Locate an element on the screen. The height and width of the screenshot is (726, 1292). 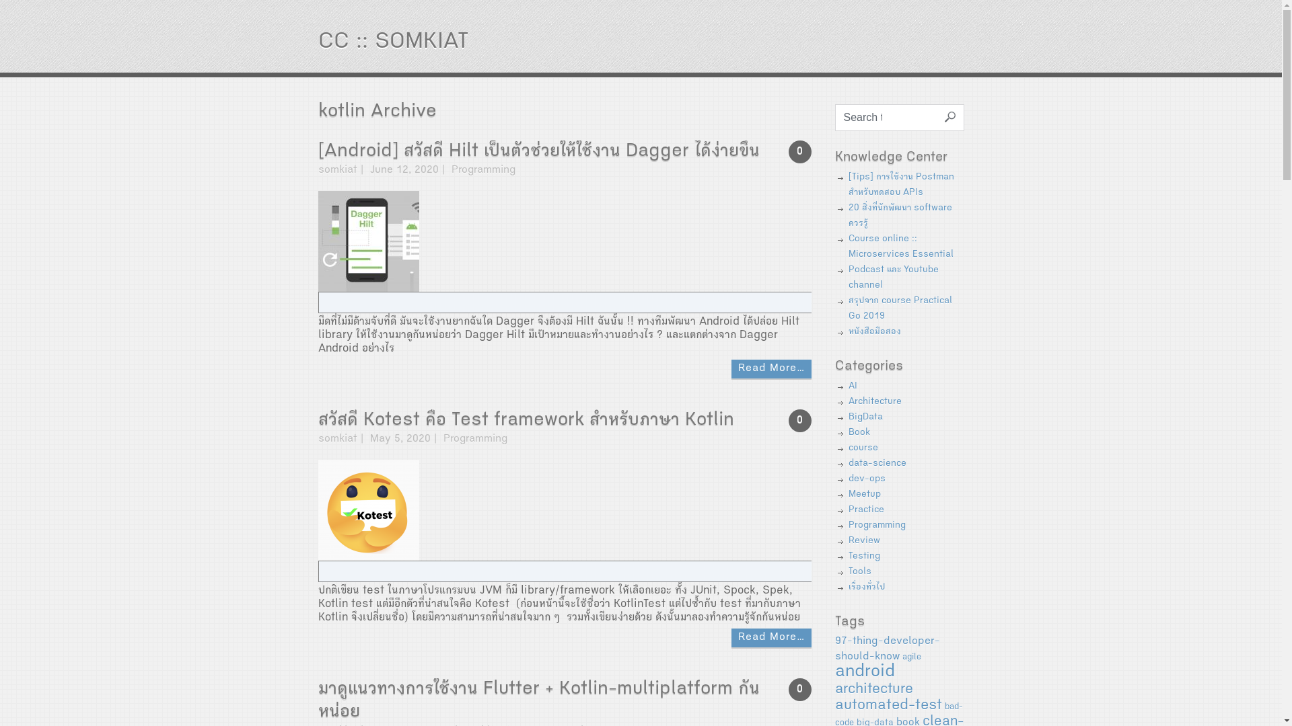
'Testing' is located at coordinates (863, 557).